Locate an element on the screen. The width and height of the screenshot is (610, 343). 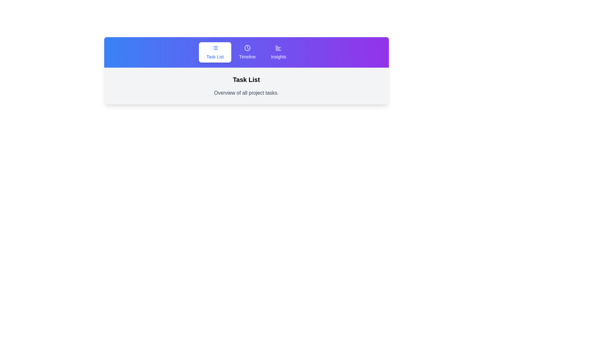
the Timeline tab to view its hover state is located at coordinates (247, 52).